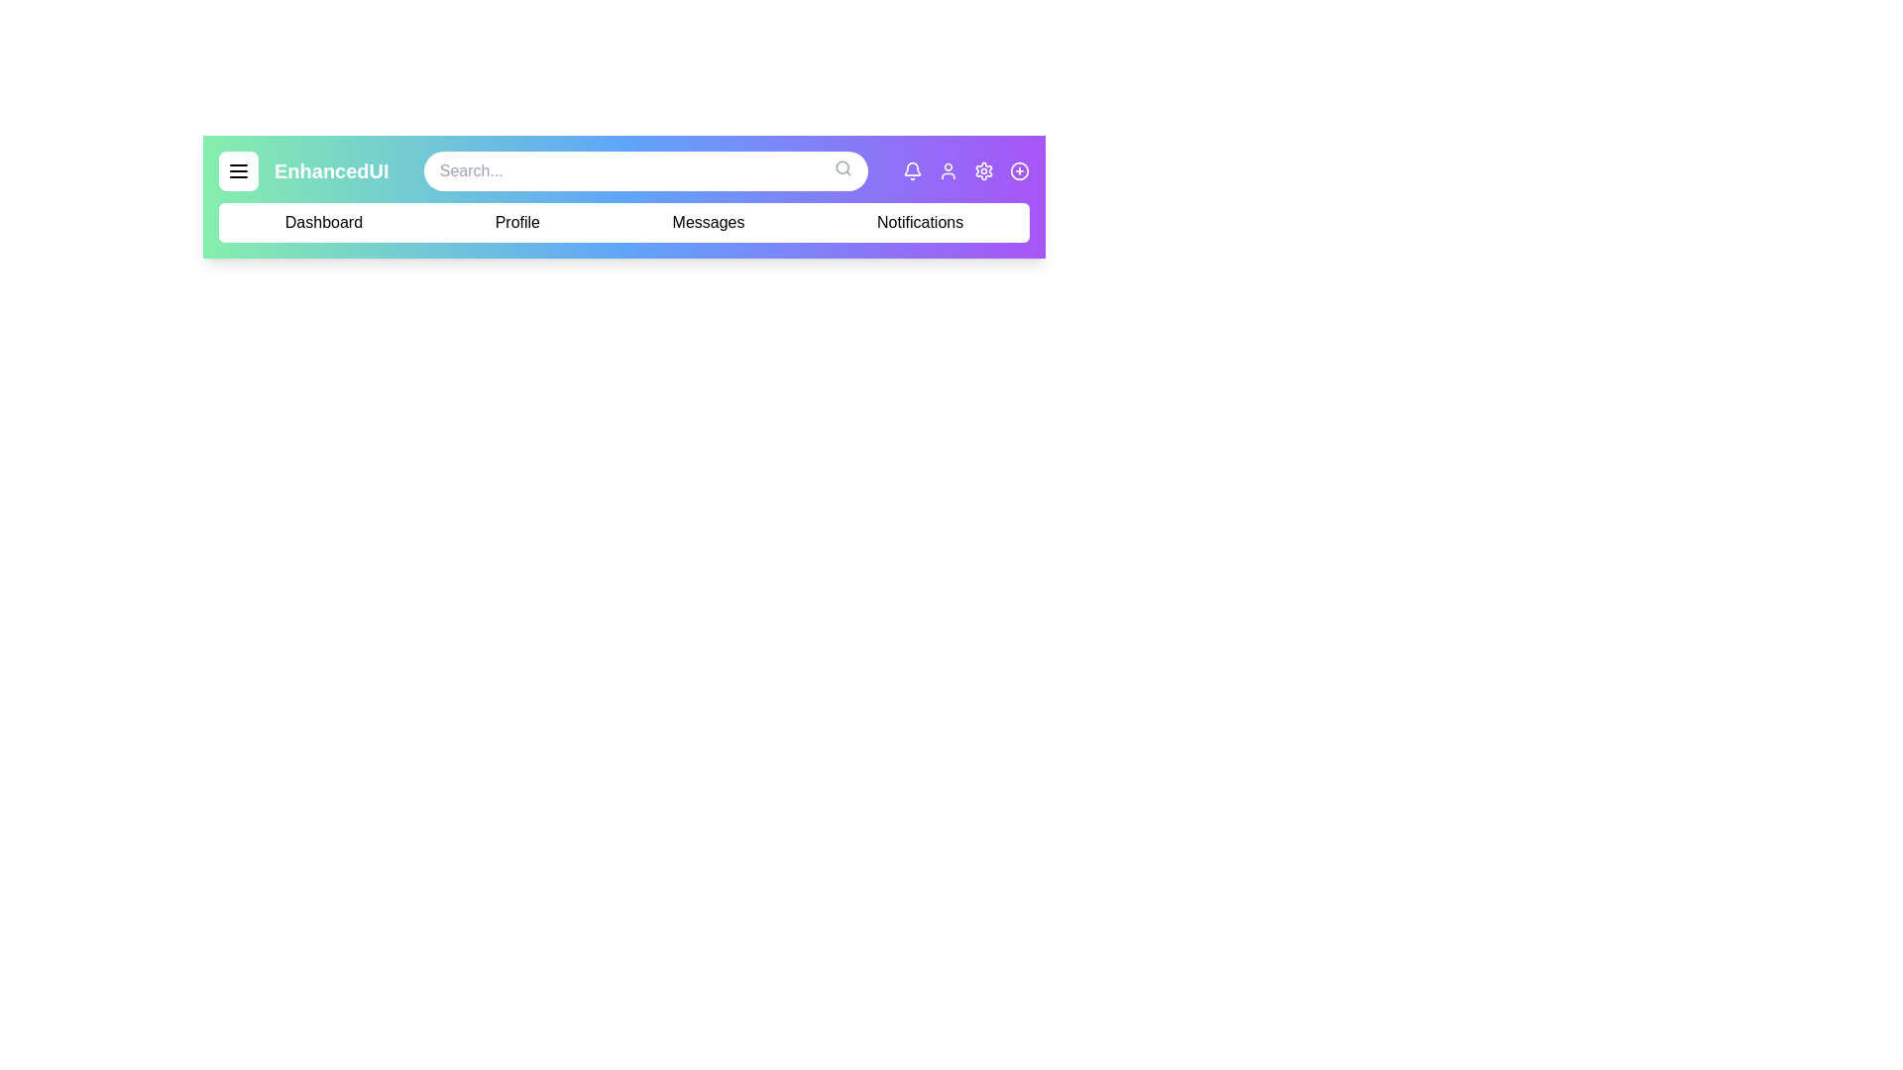 The width and height of the screenshot is (1903, 1070). What do you see at coordinates (517, 222) in the screenshot?
I see `the menu item Profile from the navigation bar` at bounding box center [517, 222].